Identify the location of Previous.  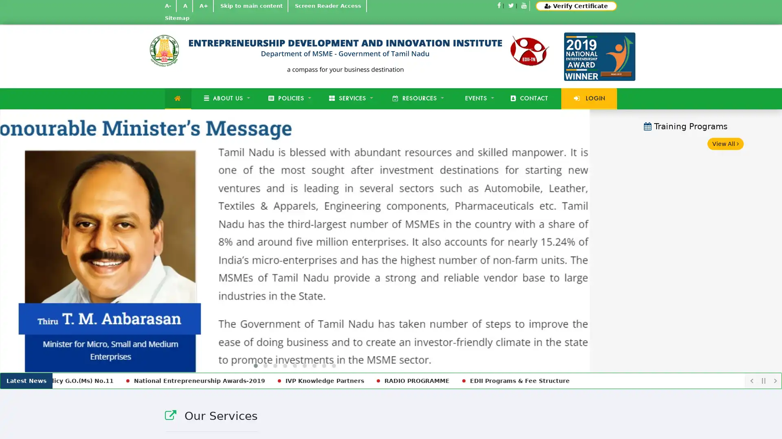
(16, 232).